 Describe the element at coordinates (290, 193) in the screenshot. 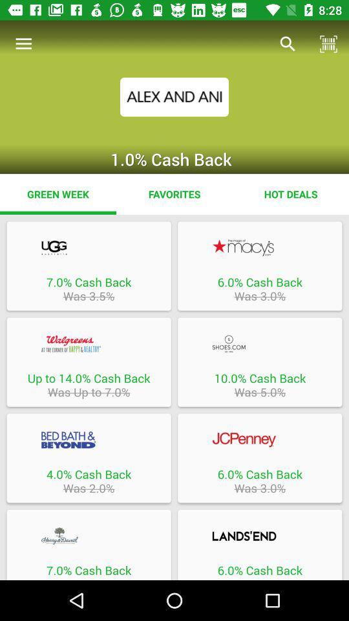

I see `hot deals` at that location.